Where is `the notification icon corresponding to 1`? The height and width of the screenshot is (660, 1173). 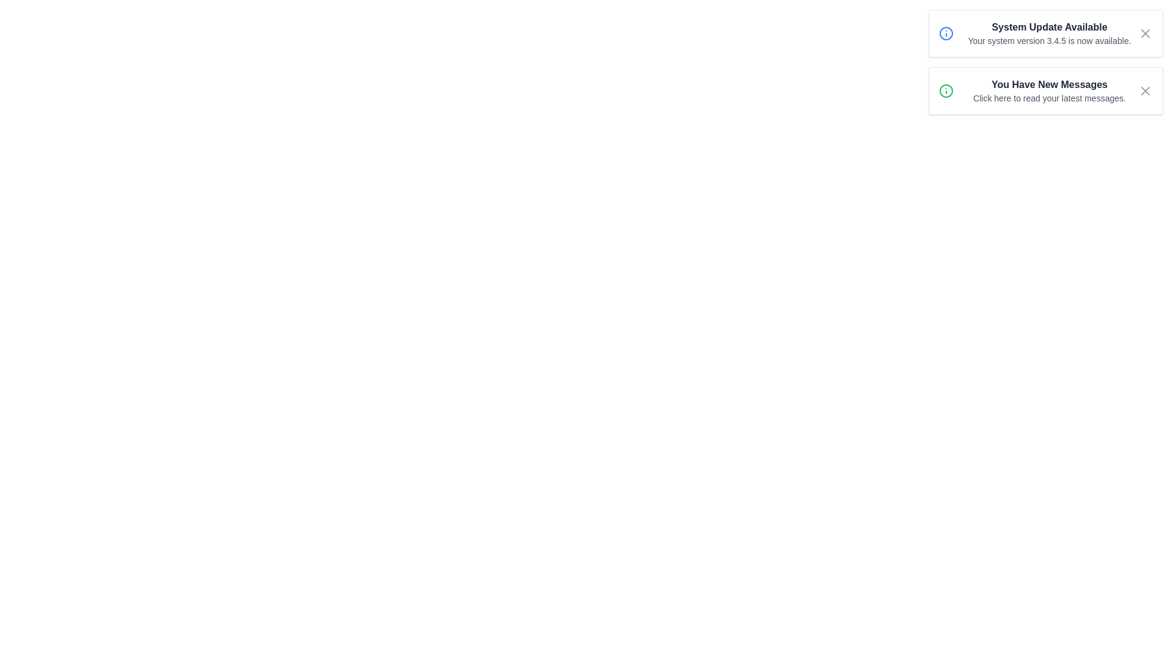
the notification icon corresponding to 1 is located at coordinates (946, 32).